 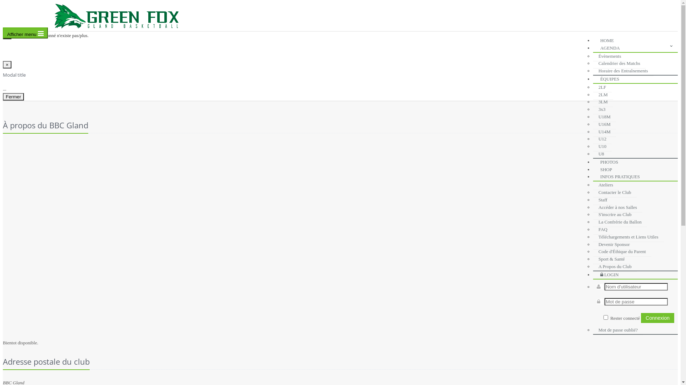 I want to click on 'U12', so click(x=602, y=139).